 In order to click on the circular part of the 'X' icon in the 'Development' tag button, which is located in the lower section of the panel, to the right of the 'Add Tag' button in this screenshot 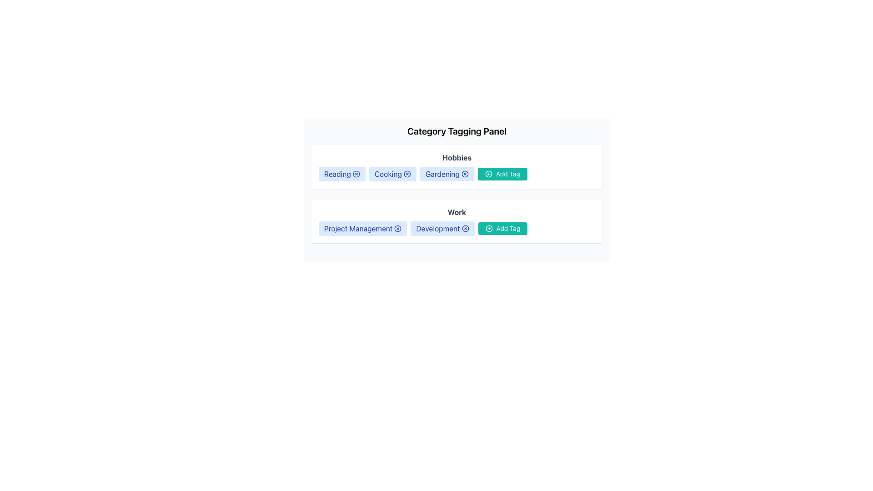, I will do `click(465, 228)`.